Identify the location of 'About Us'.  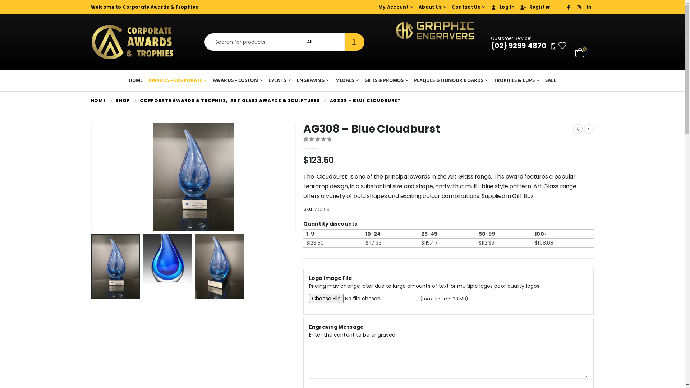
(431, 7).